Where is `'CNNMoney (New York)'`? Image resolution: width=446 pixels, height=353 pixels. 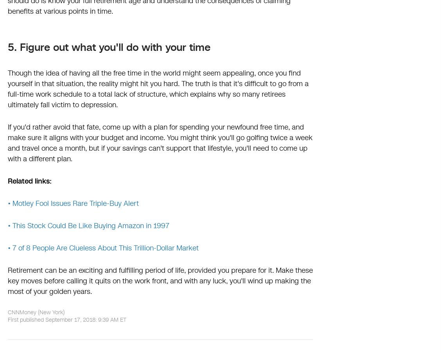 'CNNMoney (New York)' is located at coordinates (36, 312).